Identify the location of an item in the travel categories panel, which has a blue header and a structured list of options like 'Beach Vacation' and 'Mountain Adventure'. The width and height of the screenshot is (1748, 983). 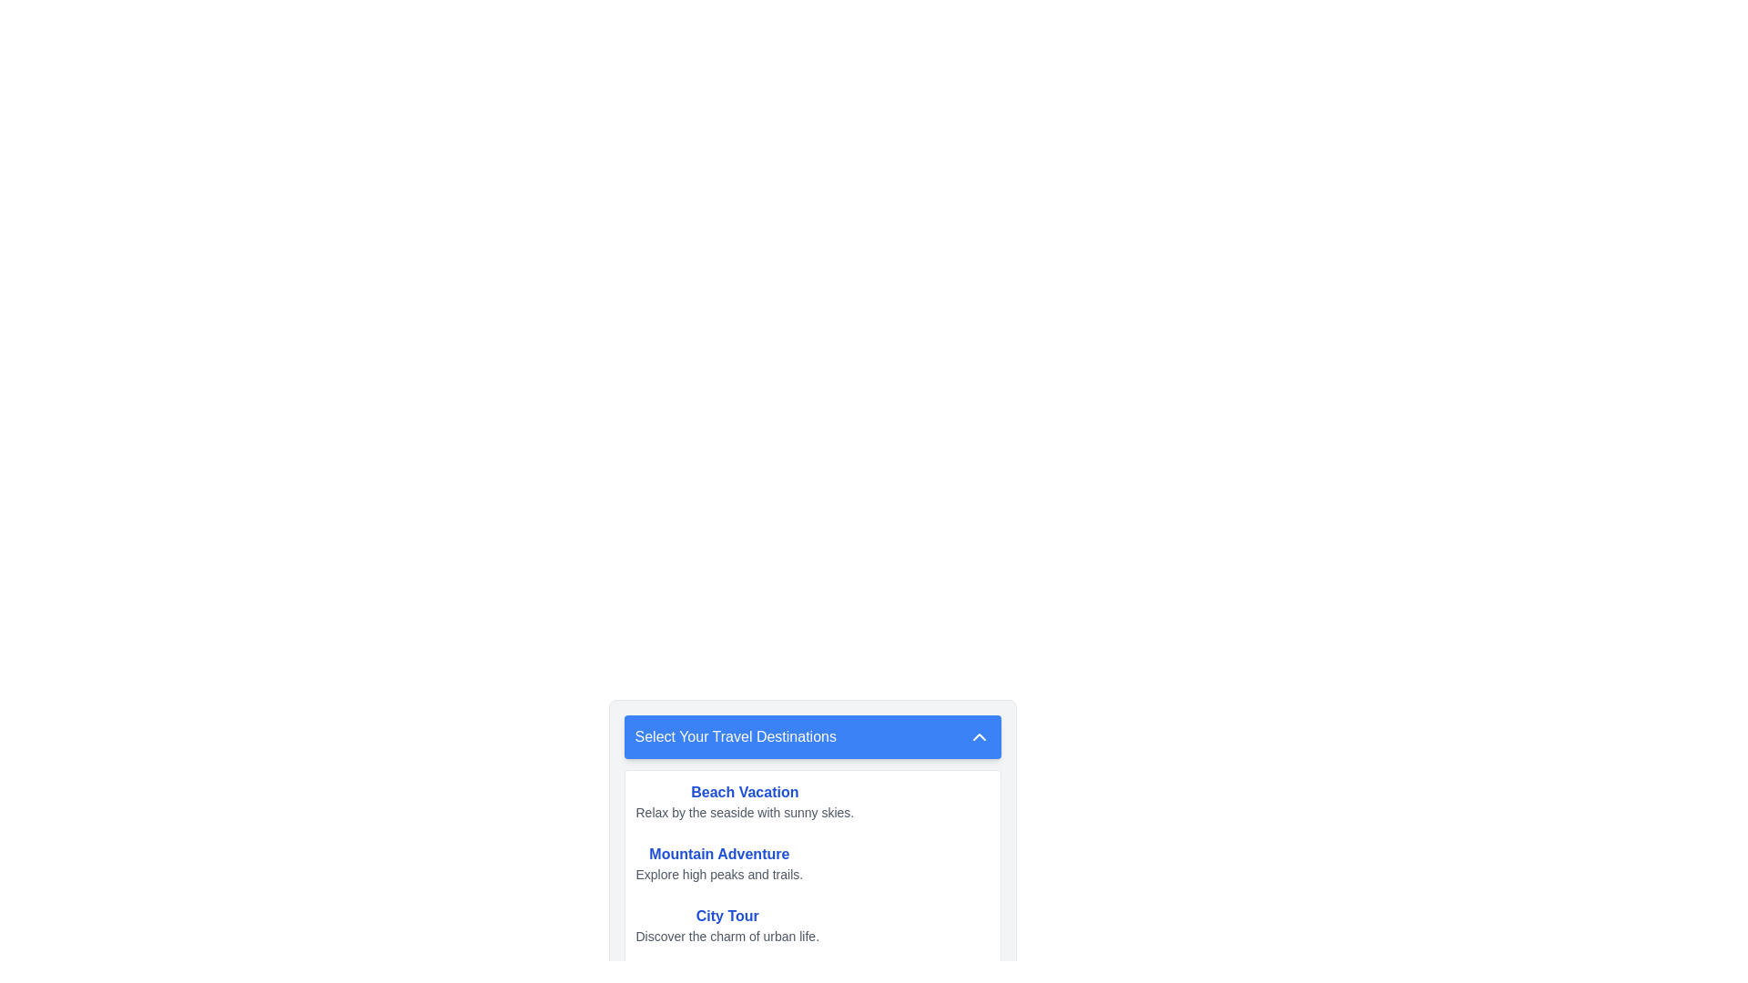
(811, 819).